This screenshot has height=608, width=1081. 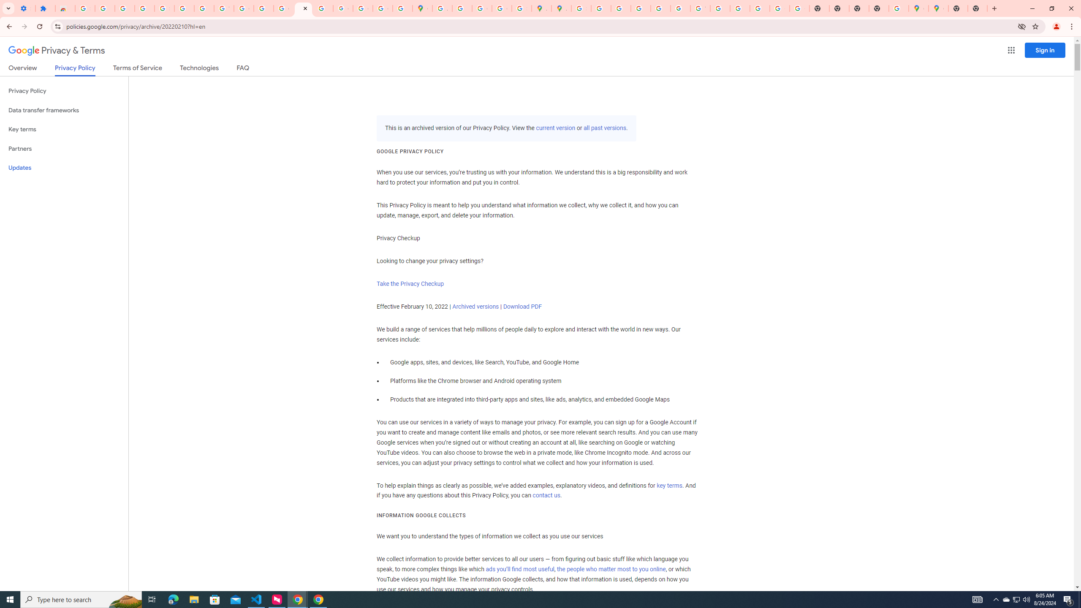 What do you see at coordinates (105, 8) in the screenshot?
I see `'Delete photos & videos - Computer - Google Photos Help'` at bounding box center [105, 8].